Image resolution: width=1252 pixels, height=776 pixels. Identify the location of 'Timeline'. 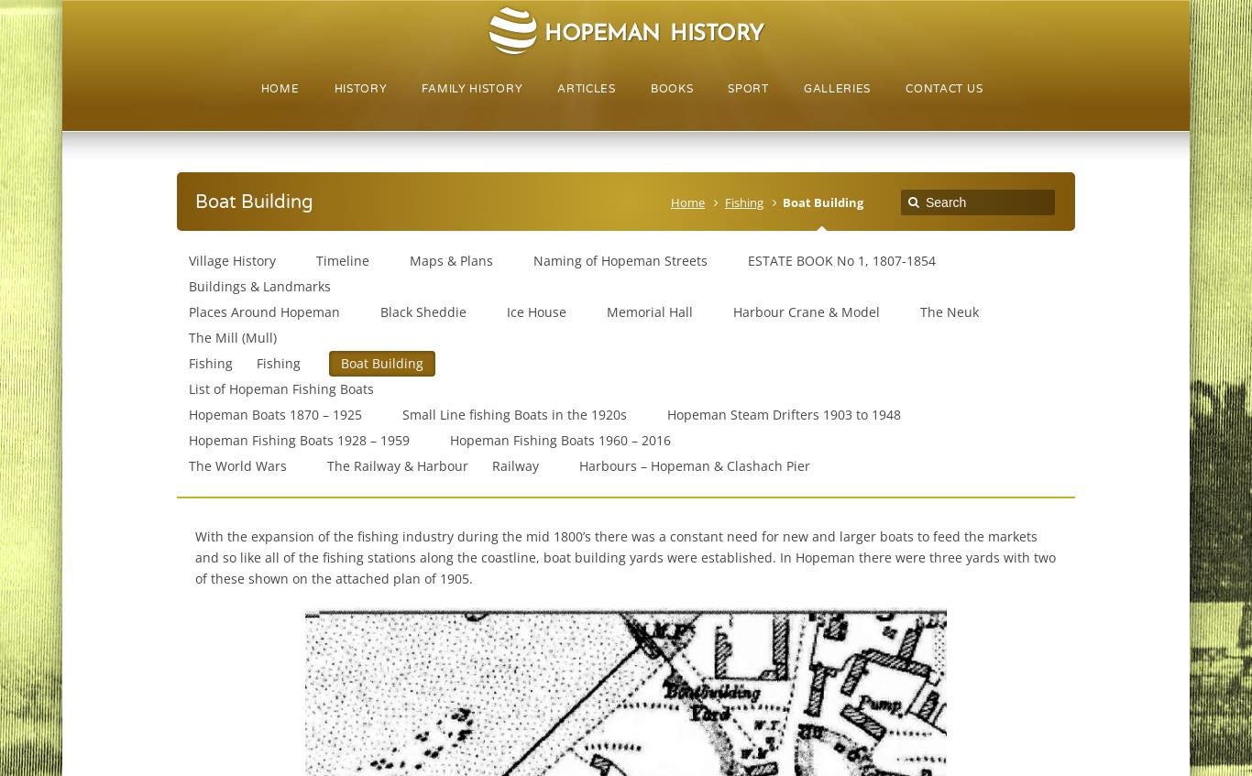
(341, 259).